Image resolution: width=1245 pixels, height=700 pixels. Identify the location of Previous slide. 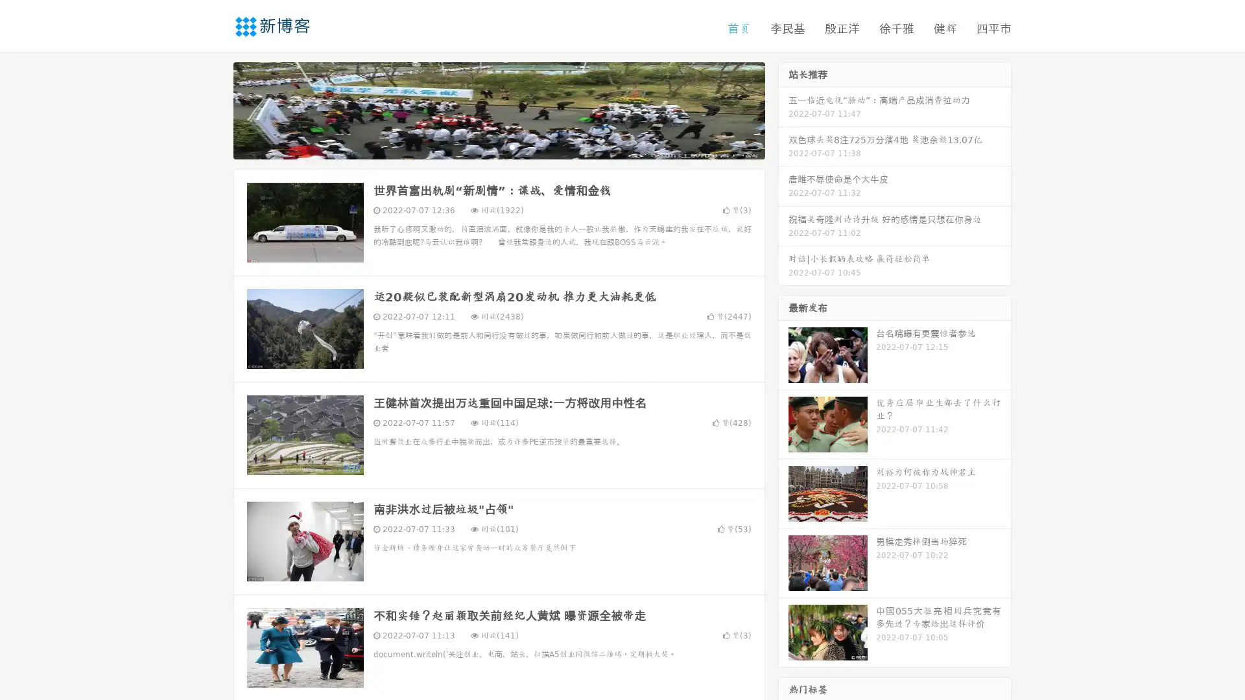
(214, 109).